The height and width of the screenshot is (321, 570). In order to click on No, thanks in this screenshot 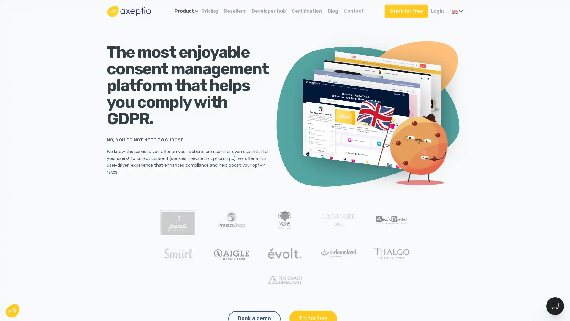, I will do `click(26, 288)`.